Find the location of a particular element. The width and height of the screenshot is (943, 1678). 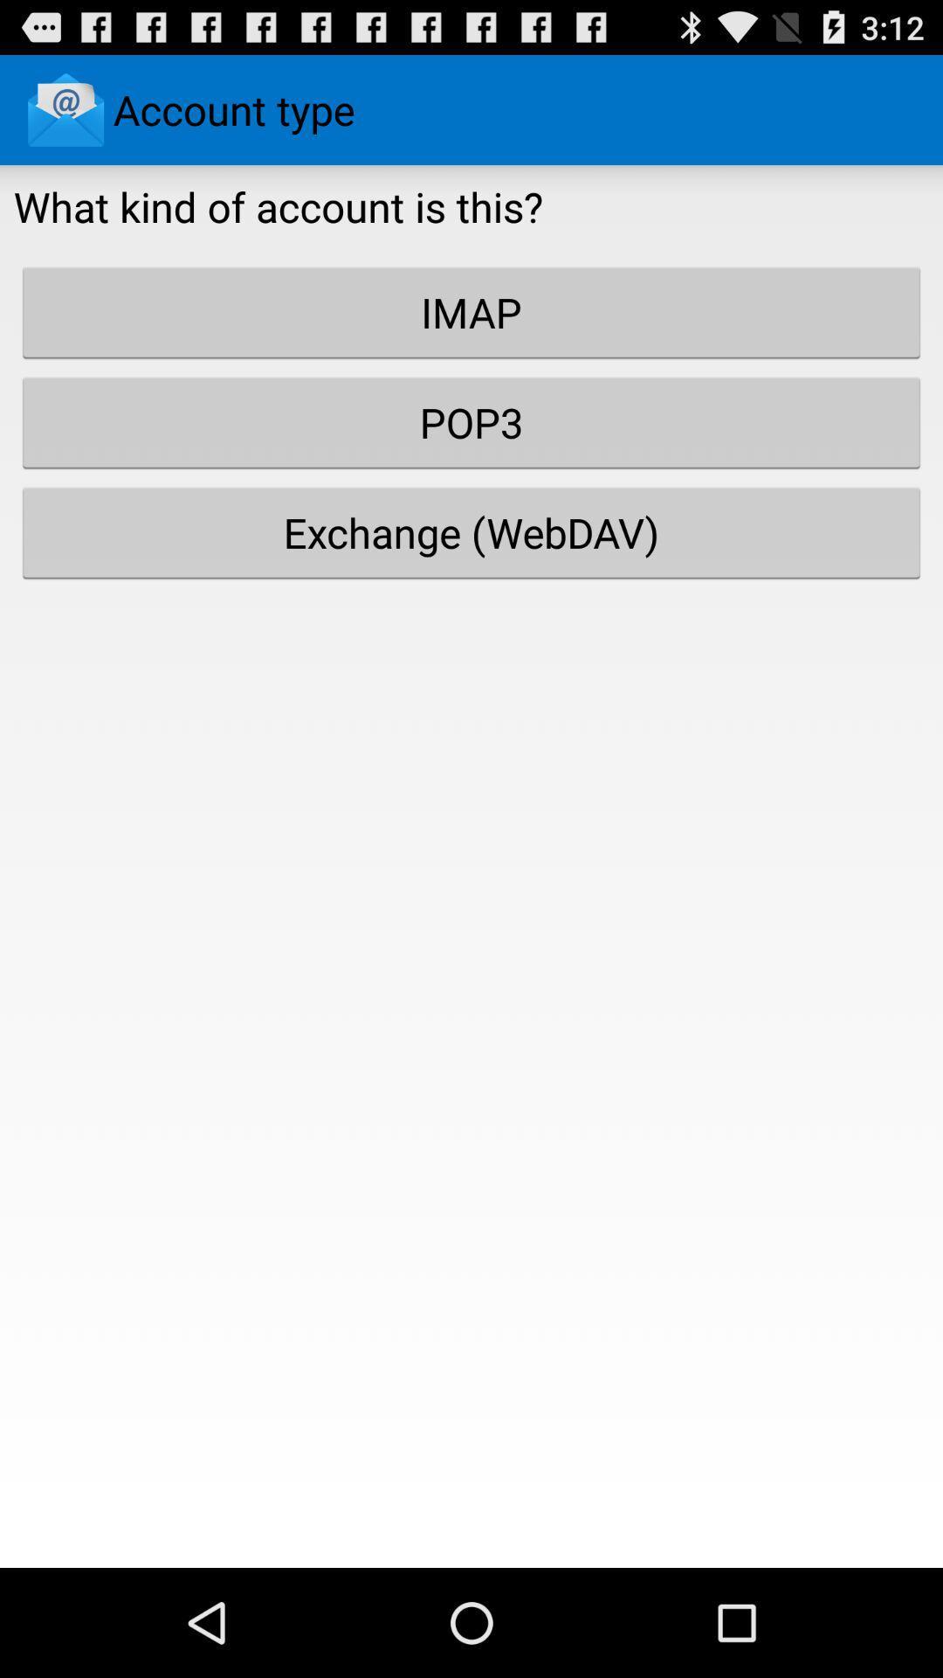

pop3 is located at coordinates (471, 422).